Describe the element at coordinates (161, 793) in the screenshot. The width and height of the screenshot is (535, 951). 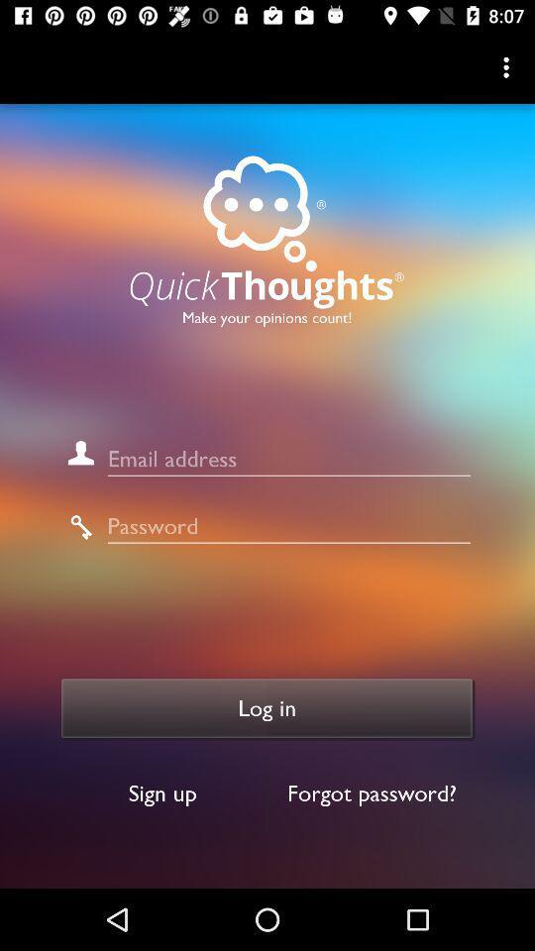
I see `item at the bottom left corner` at that location.